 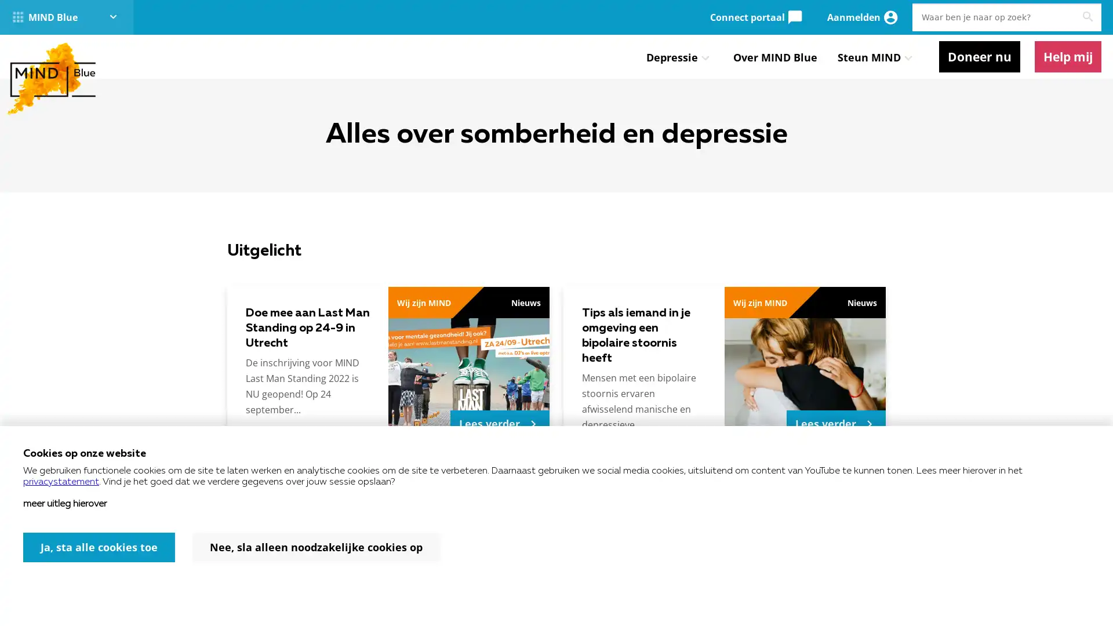 I want to click on Ja, sta alle cookies toe, so click(x=99, y=547).